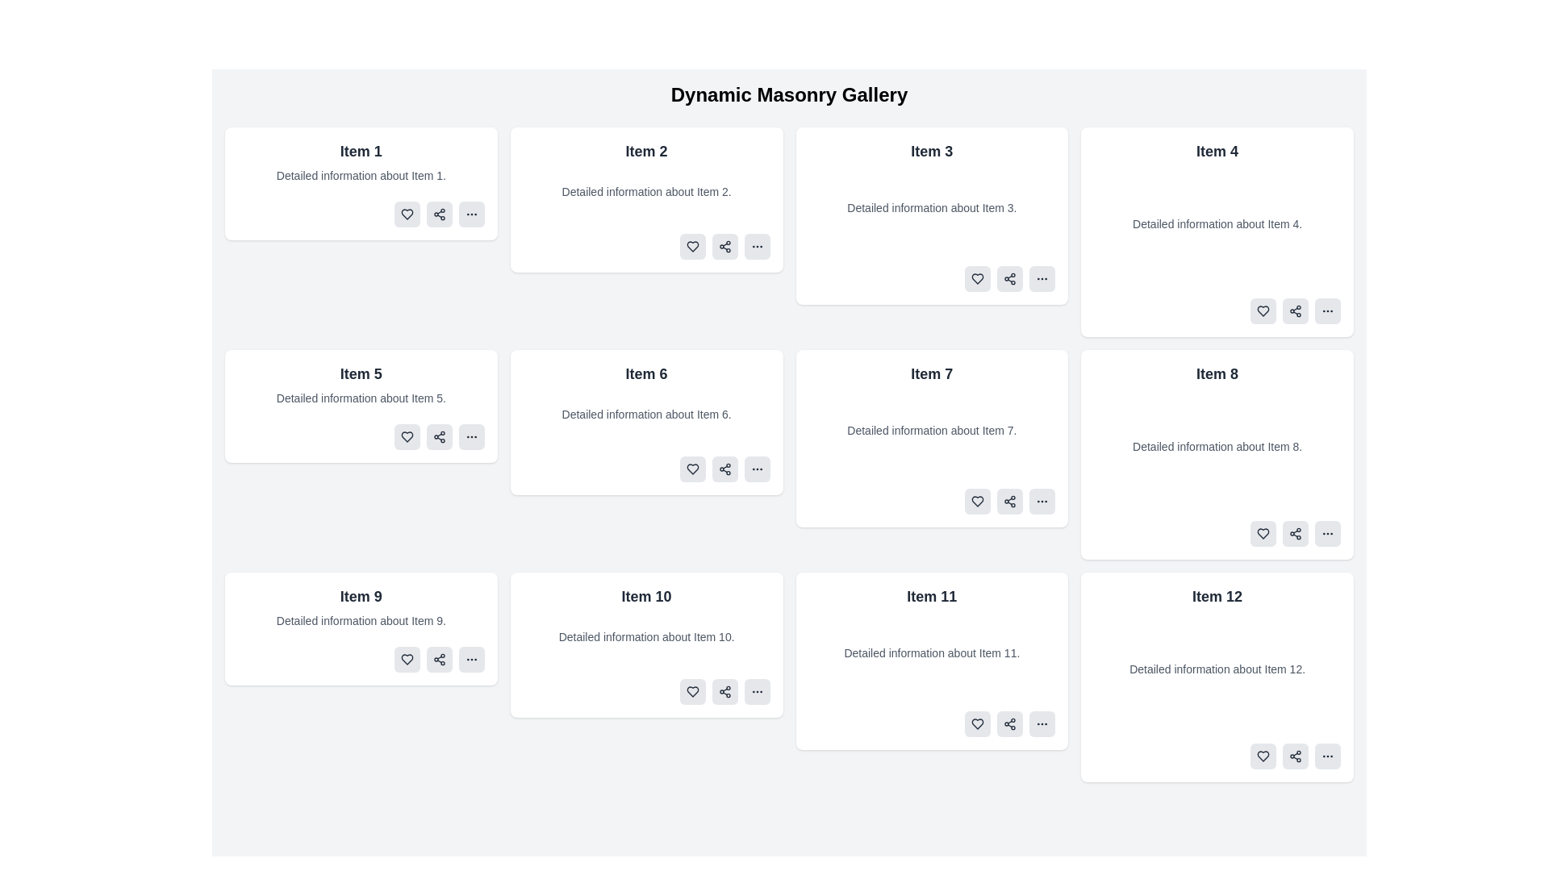  Describe the element at coordinates (1328, 534) in the screenshot. I see `the button located at the bottom-right corner inside the card labeled 'Item 8'` at that location.